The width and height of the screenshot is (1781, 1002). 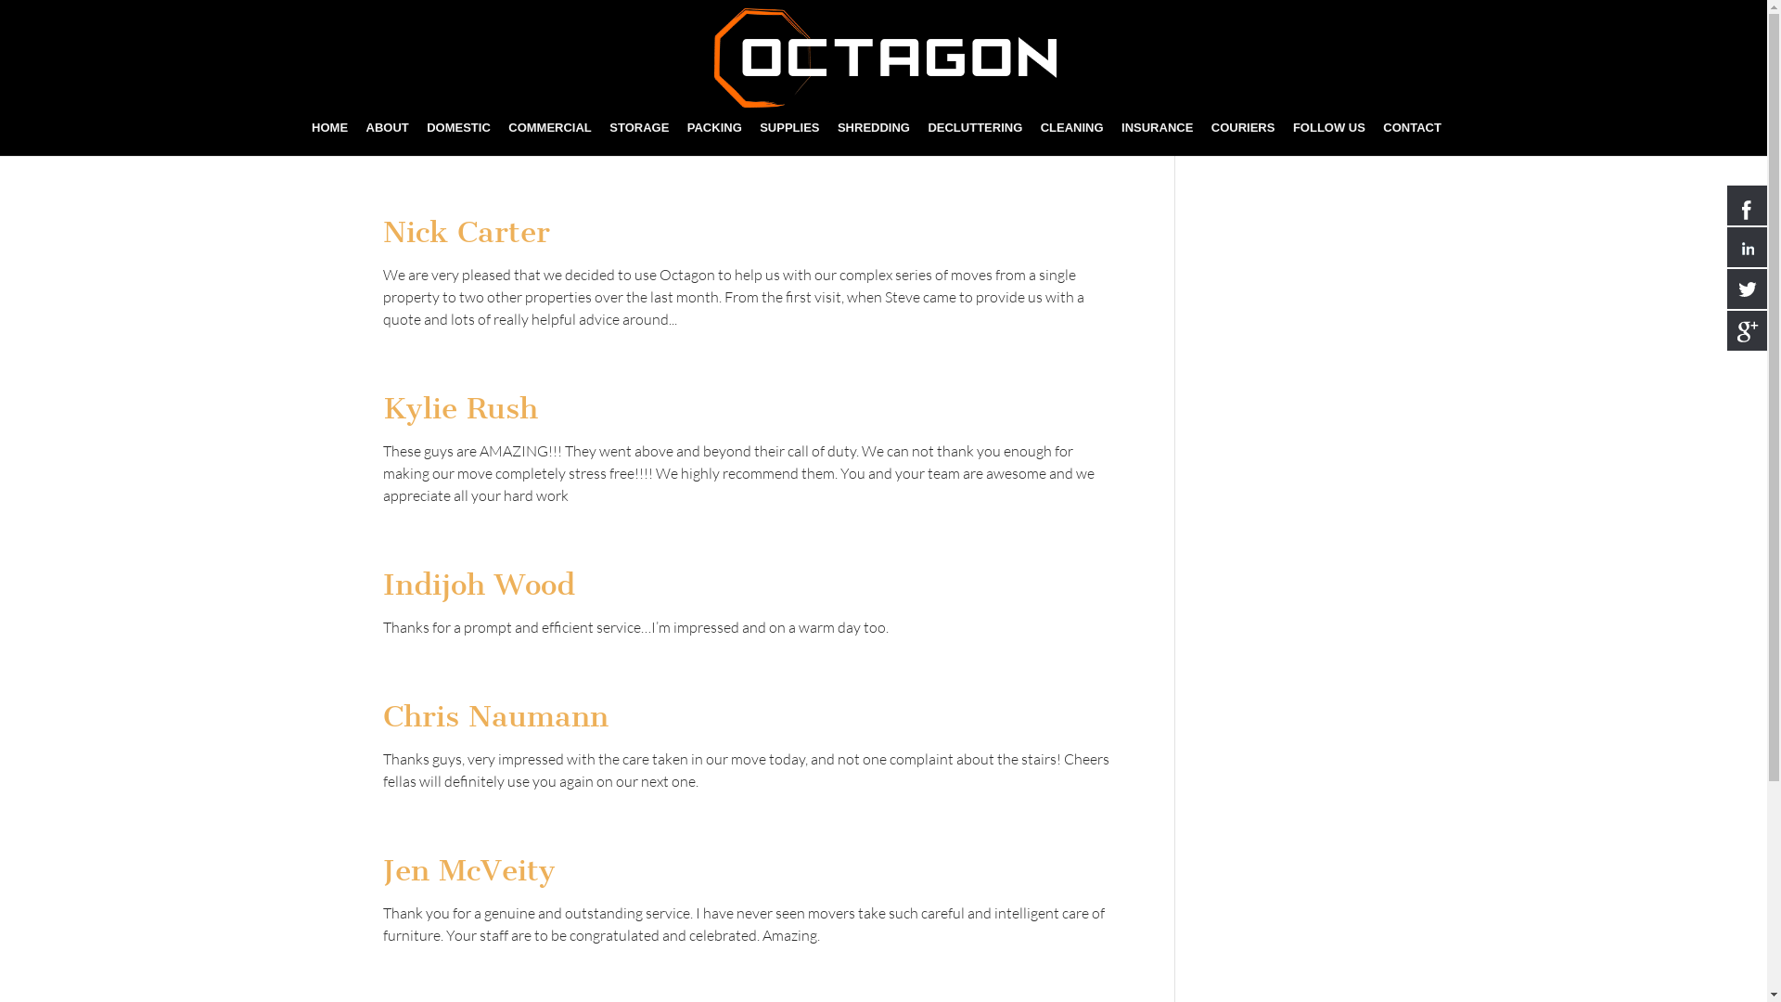 What do you see at coordinates (381, 406) in the screenshot?
I see `'Kylie Rush'` at bounding box center [381, 406].